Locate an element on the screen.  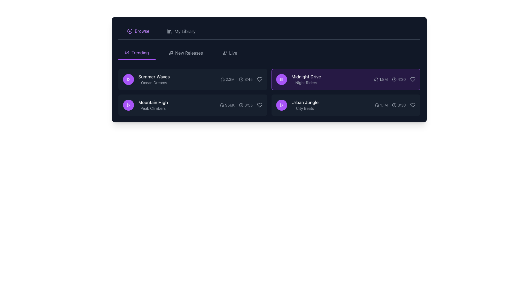
the metadata of the interactive list item titled 'Summer Waves' is located at coordinates (193, 79).